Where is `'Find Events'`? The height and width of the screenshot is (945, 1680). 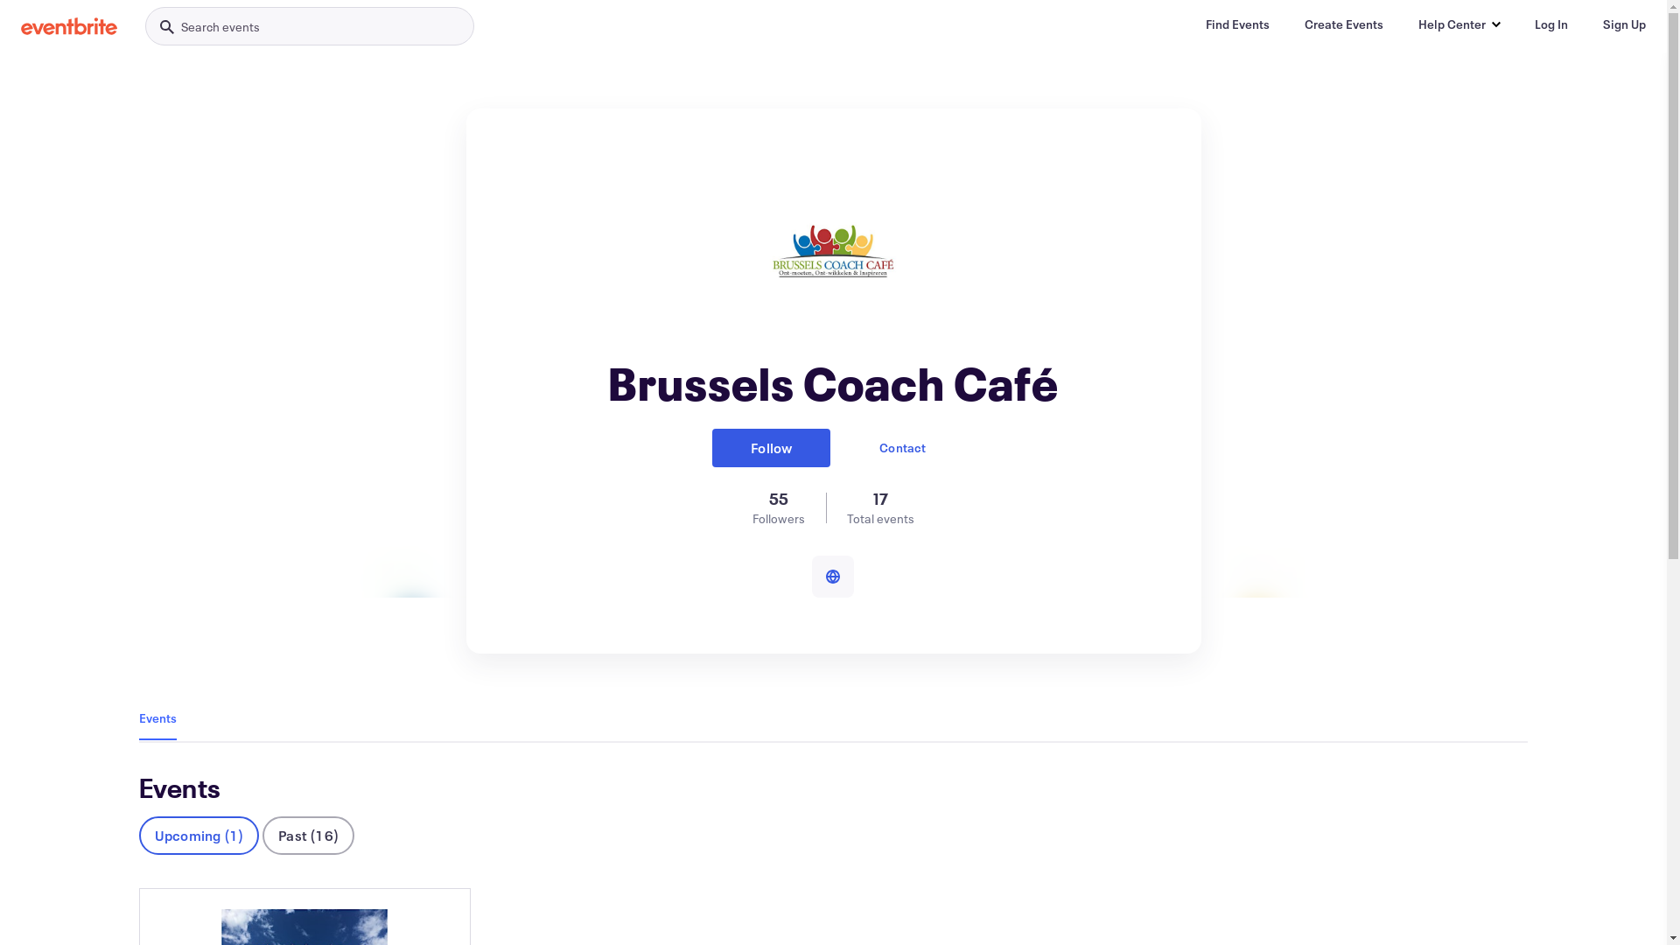
'Find Events' is located at coordinates (1191, 24).